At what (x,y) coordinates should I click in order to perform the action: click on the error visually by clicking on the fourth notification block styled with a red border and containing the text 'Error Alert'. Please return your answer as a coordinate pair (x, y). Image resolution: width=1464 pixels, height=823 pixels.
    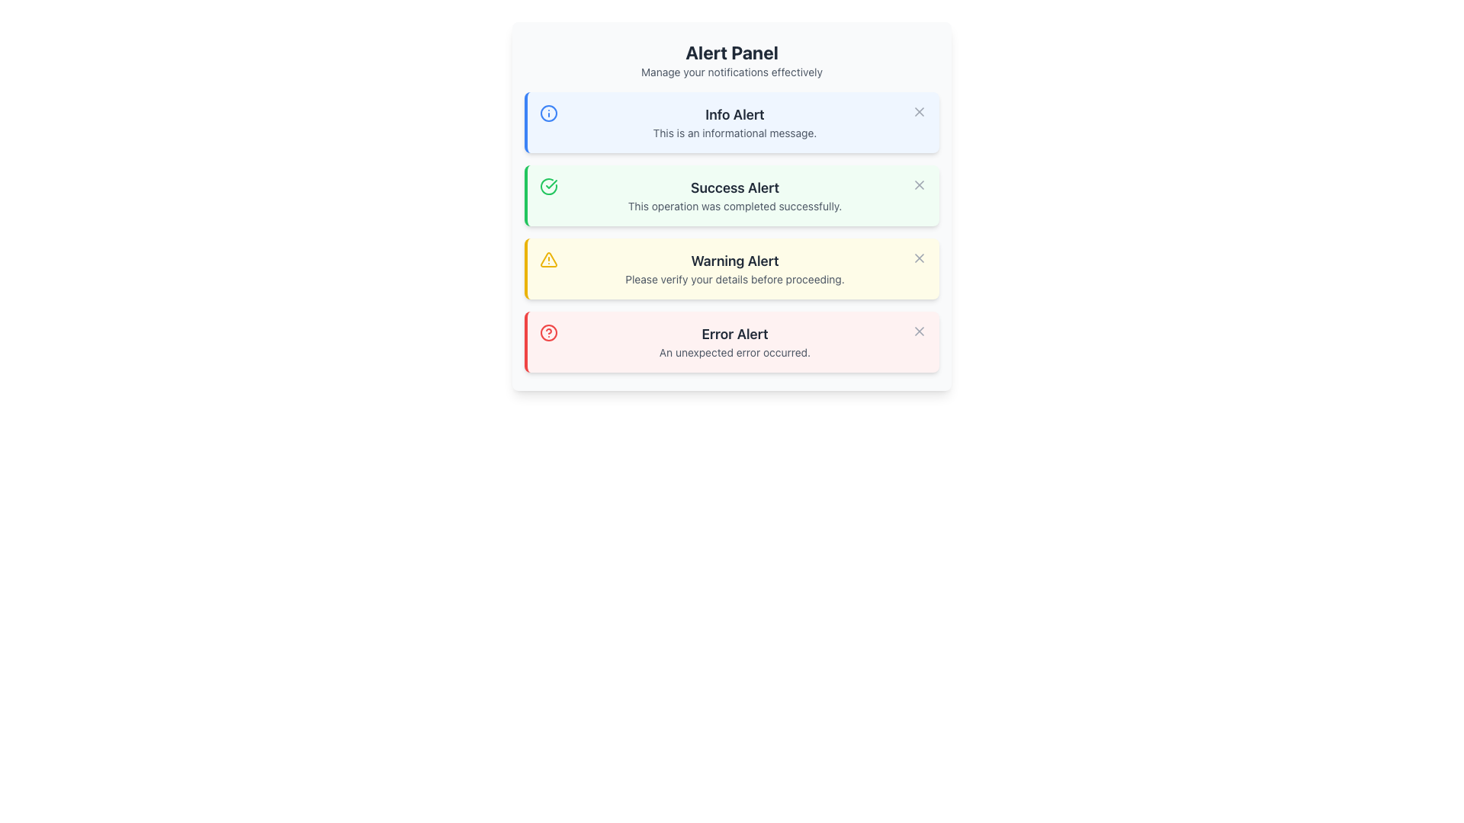
    Looking at the image, I should click on (732, 341).